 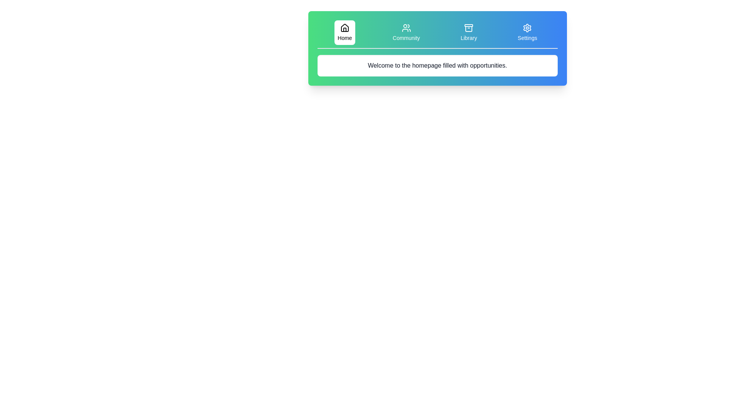 What do you see at coordinates (344, 32) in the screenshot?
I see `the Home tab to display its content` at bounding box center [344, 32].